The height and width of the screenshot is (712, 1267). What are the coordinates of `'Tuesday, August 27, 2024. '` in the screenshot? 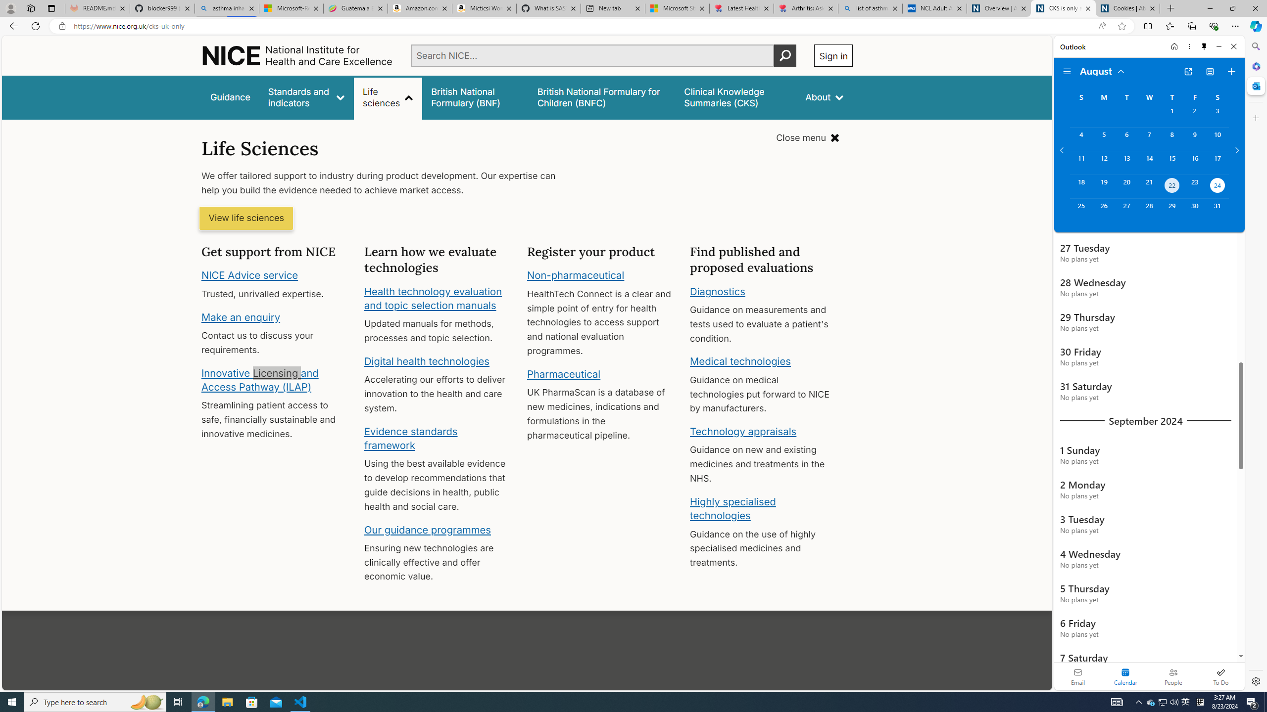 It's located at (1125, 210).